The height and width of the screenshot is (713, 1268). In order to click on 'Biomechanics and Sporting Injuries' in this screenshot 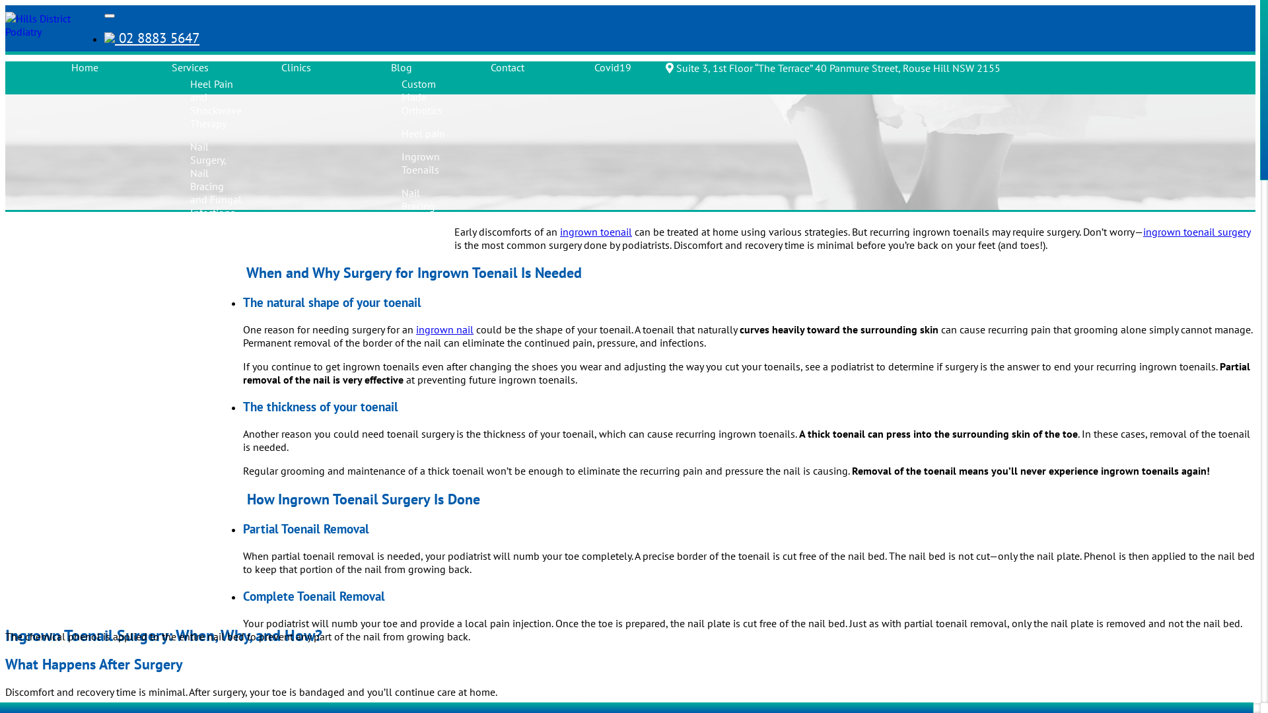, I will do `click(221, 430)`.